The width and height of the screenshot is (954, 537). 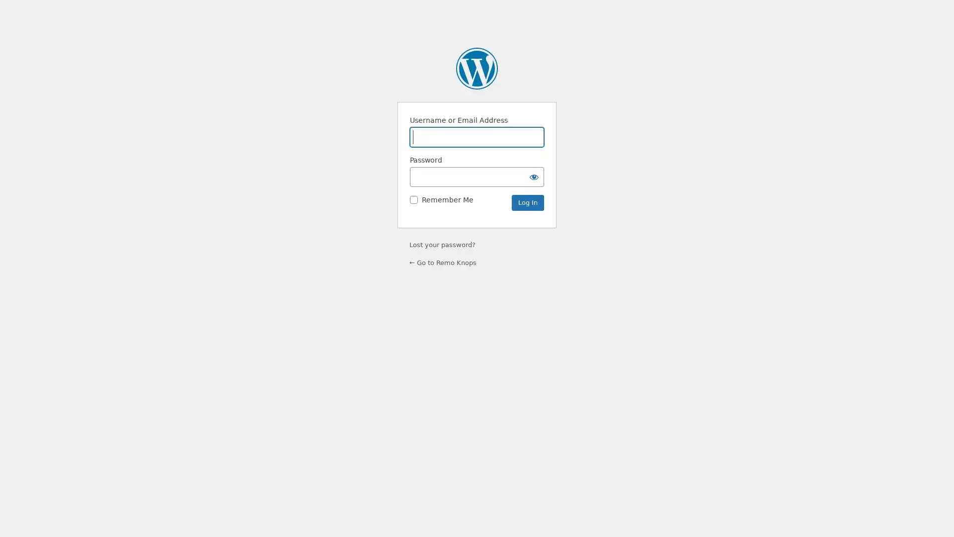 What do you see at coordinates (534, 176) in the screenshot?
I see `Show password` at bounding box center [534, 176].